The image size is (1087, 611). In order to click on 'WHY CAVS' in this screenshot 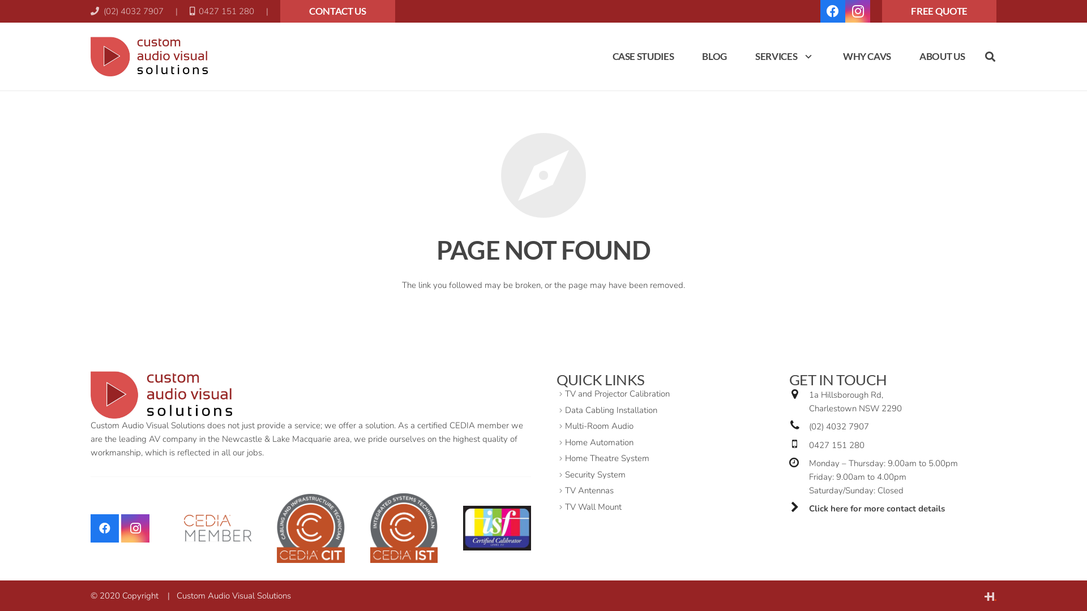, I will do `click(866, 57)`.